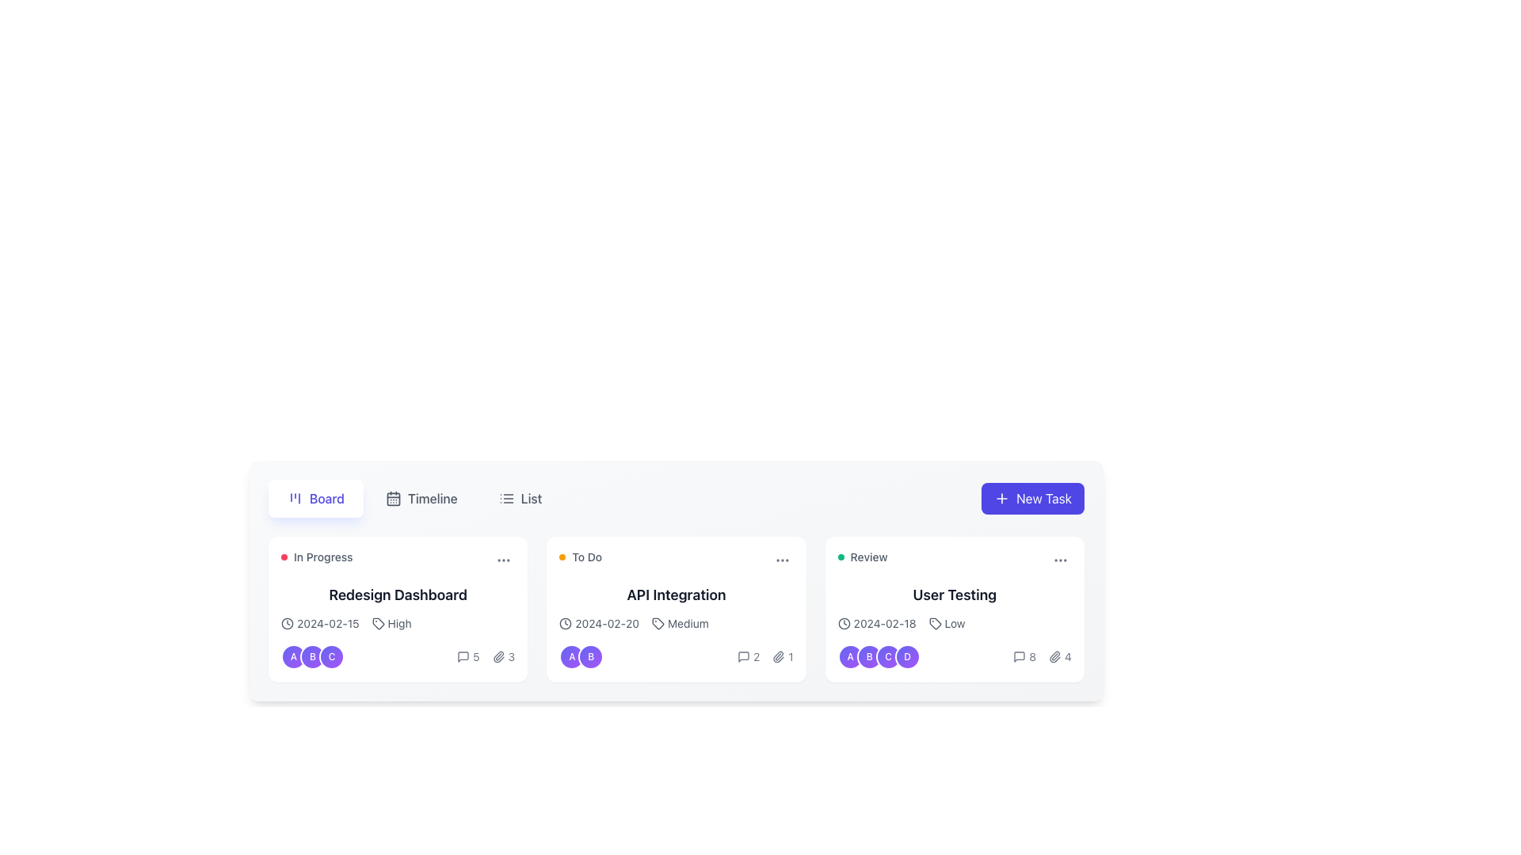 The image size is (1521, 855). What do you see at coordinates (377, 622) in the screenshot?
I see `the priority level icon associated with the 'High' text, which is located to the left of the 'High' text in the 'Redesign Dashboard' card` at bounding box center [377, 622].